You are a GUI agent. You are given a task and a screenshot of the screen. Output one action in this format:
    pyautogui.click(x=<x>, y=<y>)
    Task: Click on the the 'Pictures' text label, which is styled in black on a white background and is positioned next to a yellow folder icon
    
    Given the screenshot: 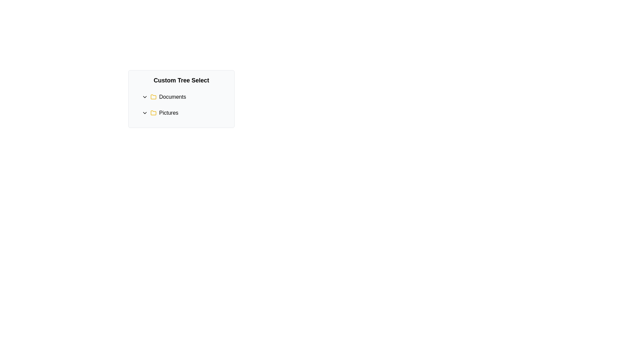 What is the action you would take?
    pyautogui.click(x=168, y=112)
    